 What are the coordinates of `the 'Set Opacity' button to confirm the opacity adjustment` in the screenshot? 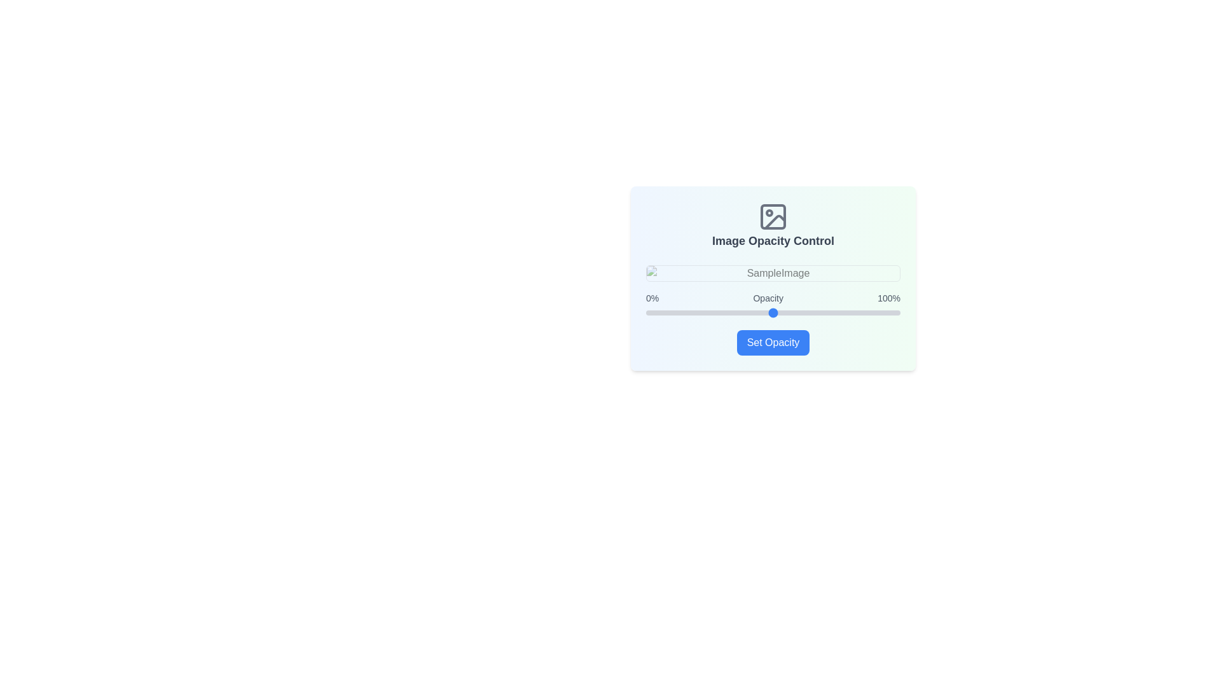 It's located at (772, 342).